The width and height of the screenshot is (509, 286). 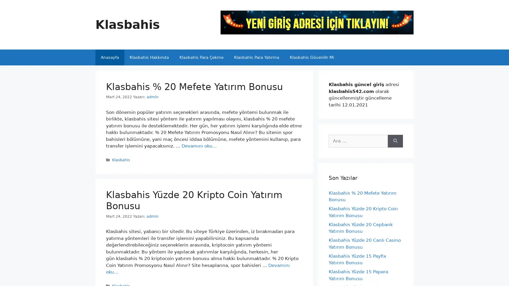 I want to click on Ara, so click(x=395, y=141).